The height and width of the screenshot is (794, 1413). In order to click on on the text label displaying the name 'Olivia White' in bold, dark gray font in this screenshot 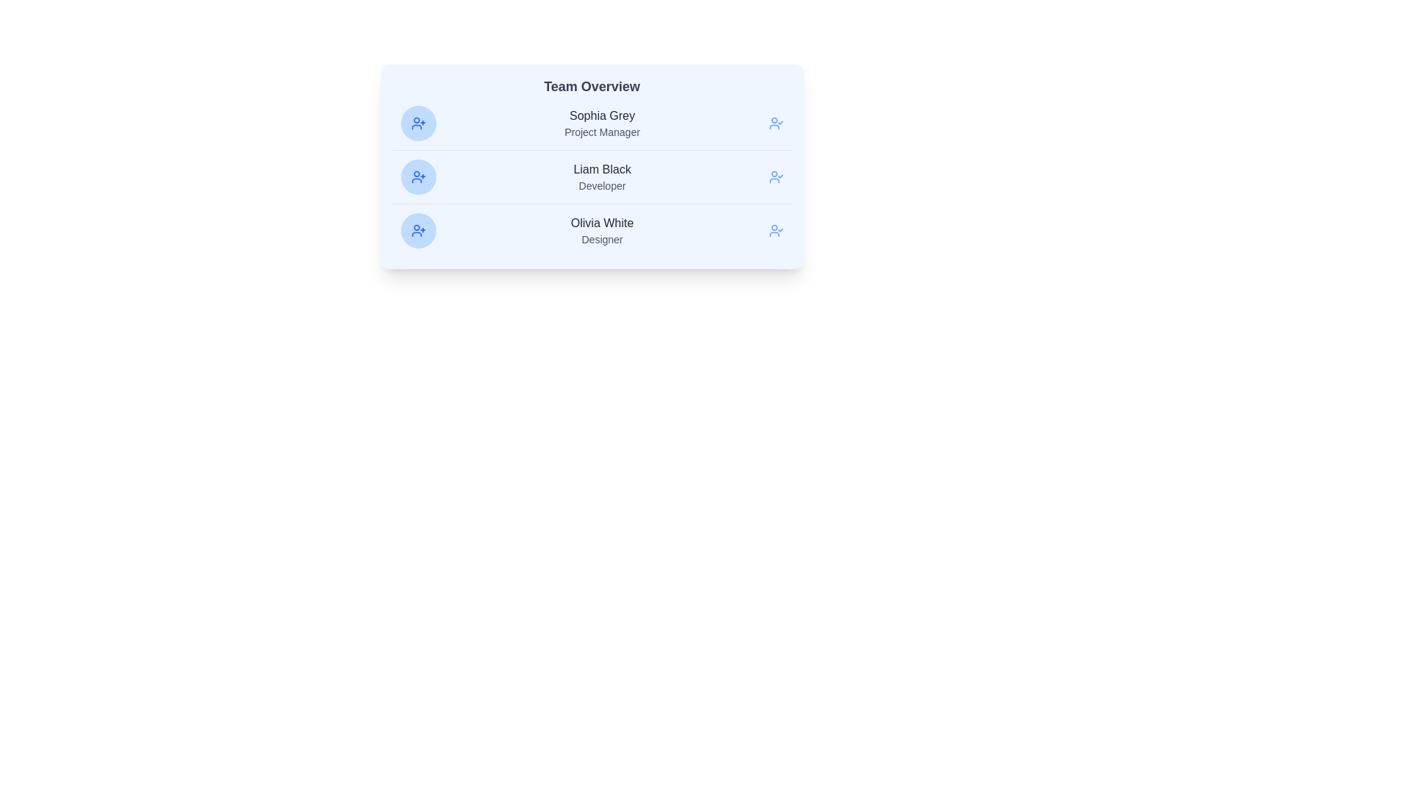, I will do `click(602, 223)`.